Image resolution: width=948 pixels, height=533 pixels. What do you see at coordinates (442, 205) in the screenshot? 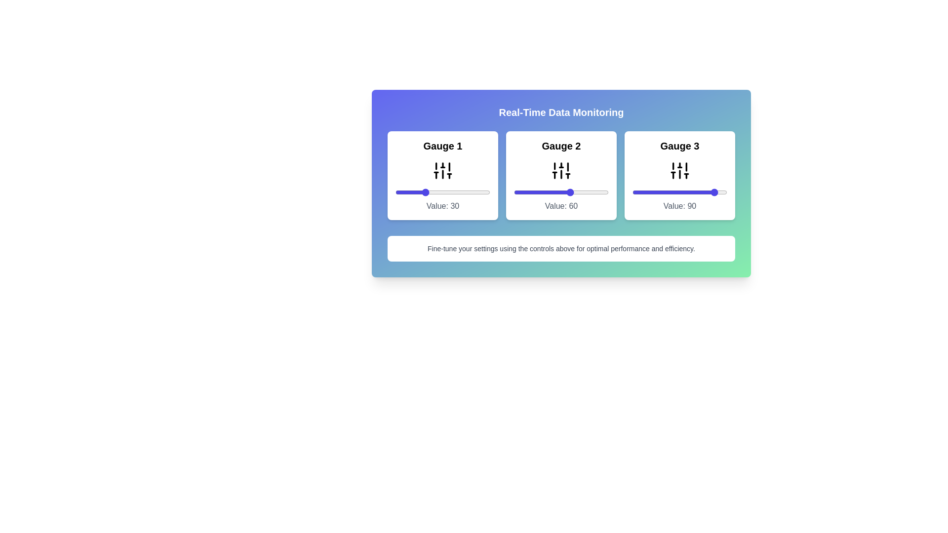
I see `the Text Label displaying the current value of the associated slider control located at the bottom of the 'Gauge 1' card` at bounding box center [442, 205].